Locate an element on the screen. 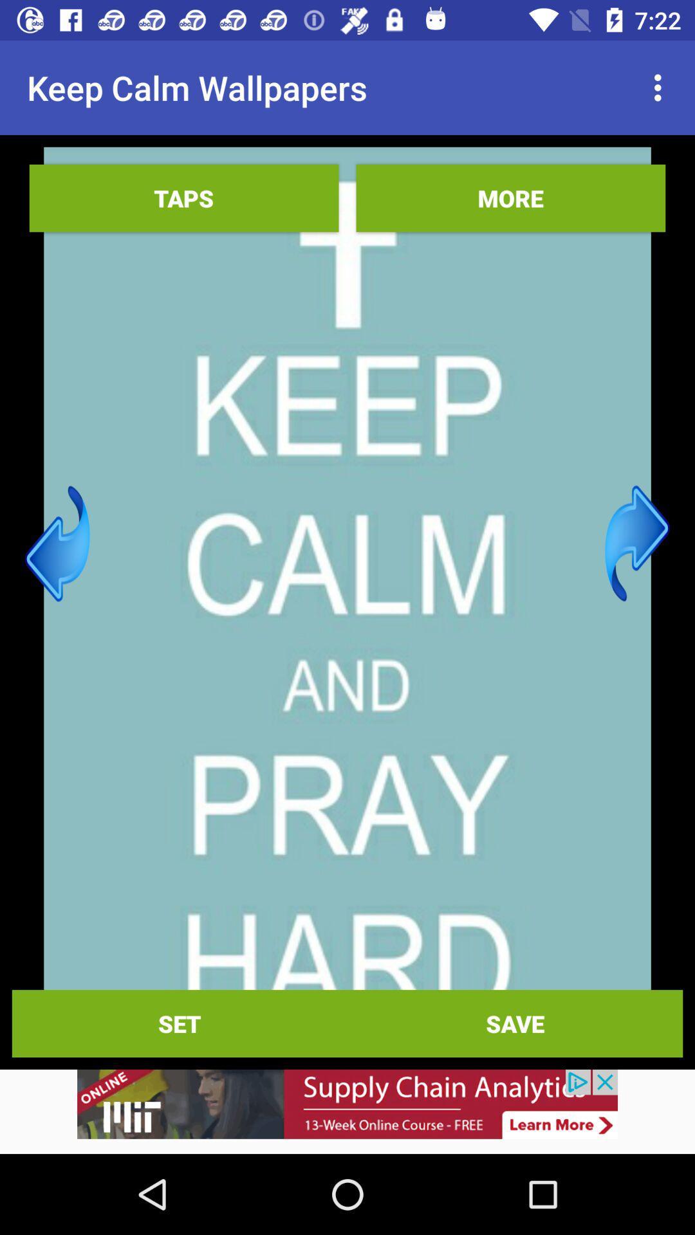  advertisement is located at coordinates (347, 1111).